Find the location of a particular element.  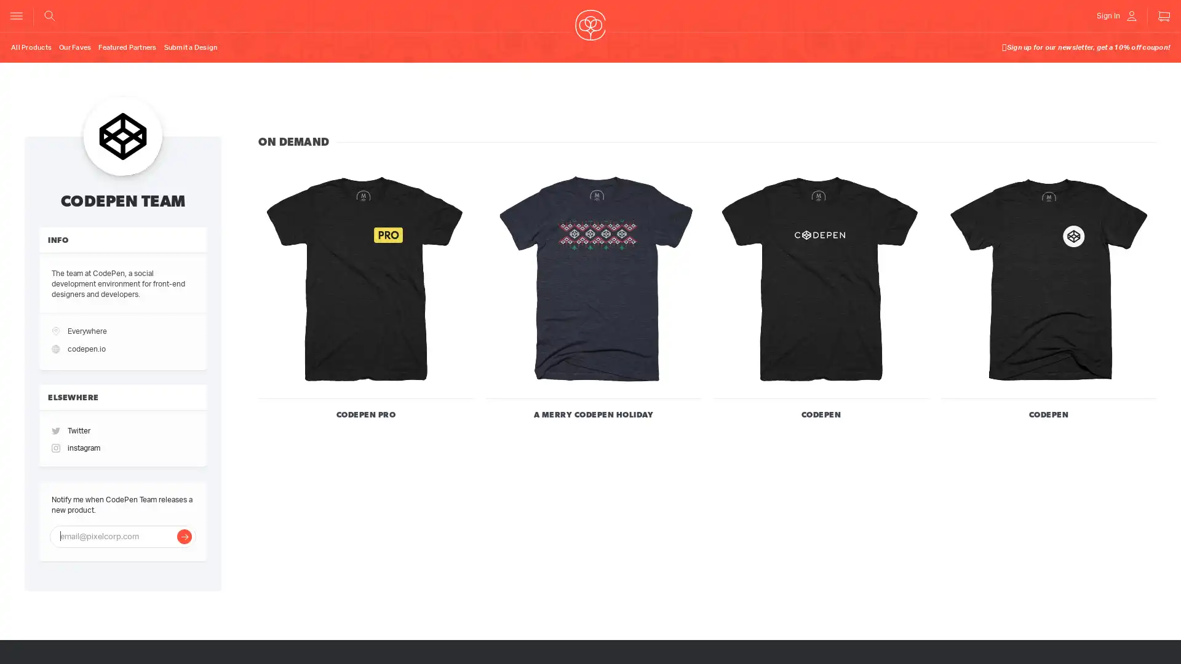

Submit is located at coordinates (183, 535).